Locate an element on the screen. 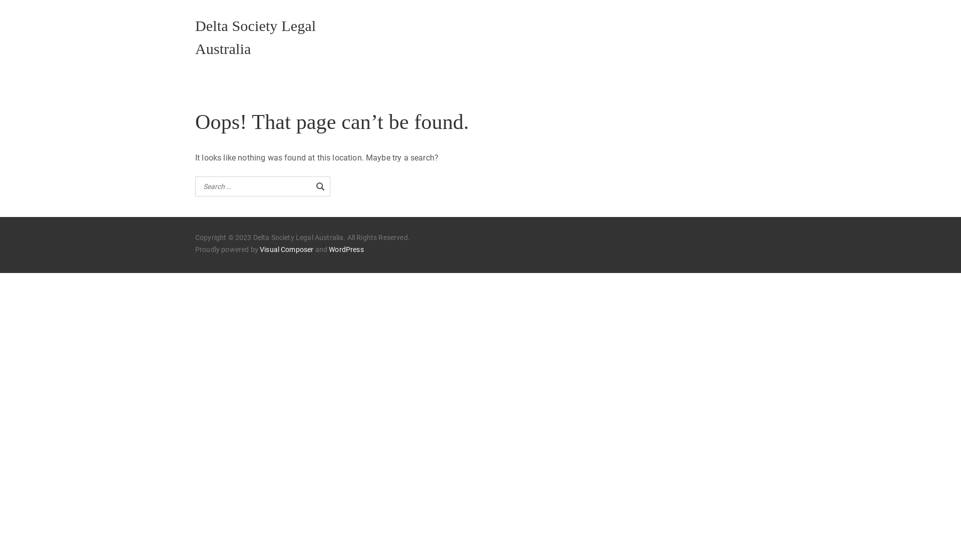  'WordPress' is located at coordinates (346, 249).